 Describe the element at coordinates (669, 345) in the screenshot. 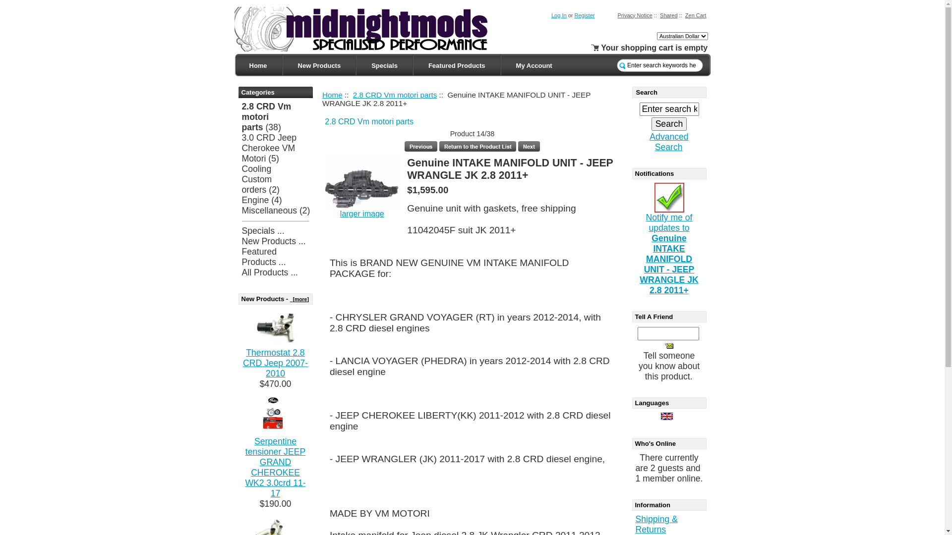

I see `' Tell a Friend '` at that location.